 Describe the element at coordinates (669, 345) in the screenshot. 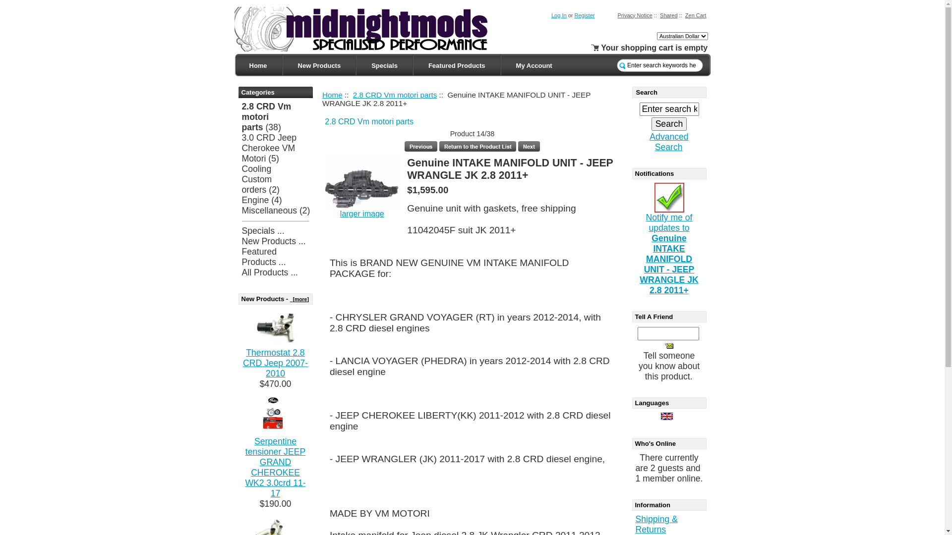

I see `' Tell a Friend '` at that location.